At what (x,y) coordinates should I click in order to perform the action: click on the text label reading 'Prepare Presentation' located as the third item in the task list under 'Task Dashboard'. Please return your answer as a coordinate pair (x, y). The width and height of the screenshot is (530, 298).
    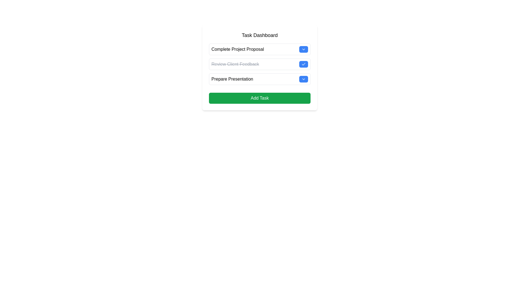
    Looking at the image, I should click on (232, 79).